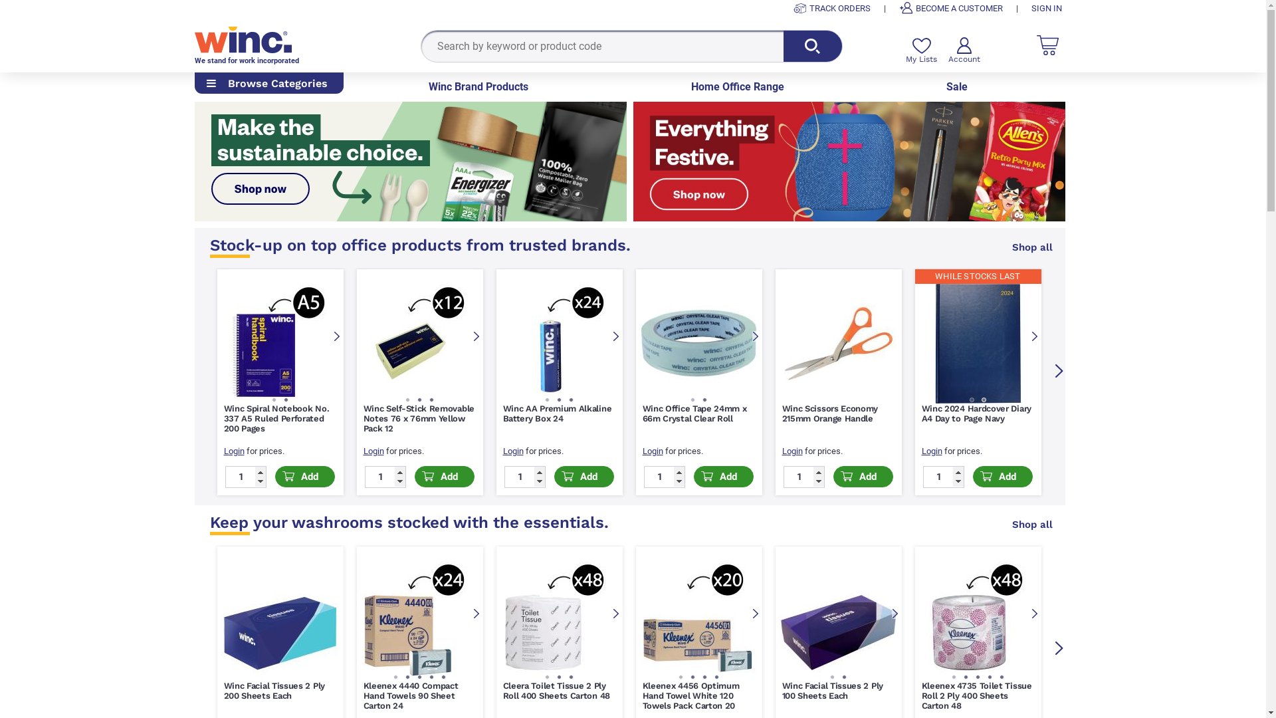 The height and width of the screenshot is (718, 1276). Describe the element at coordinates (920, 50) in the screenshot. I see `'My Lists'` at that location.